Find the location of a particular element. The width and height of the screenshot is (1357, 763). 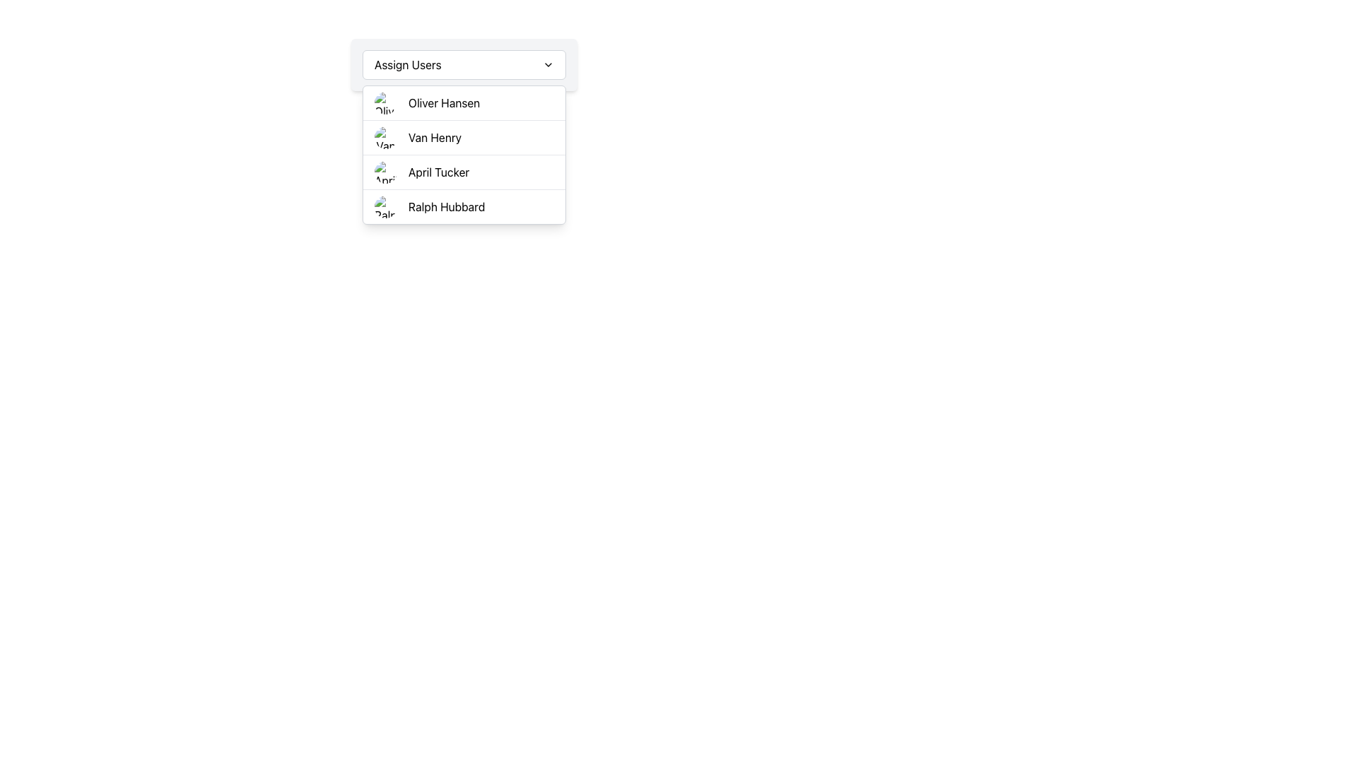

the 'Ralph Hubbard' selectable option in the dropdown menu is located at coordinates (446, 207).